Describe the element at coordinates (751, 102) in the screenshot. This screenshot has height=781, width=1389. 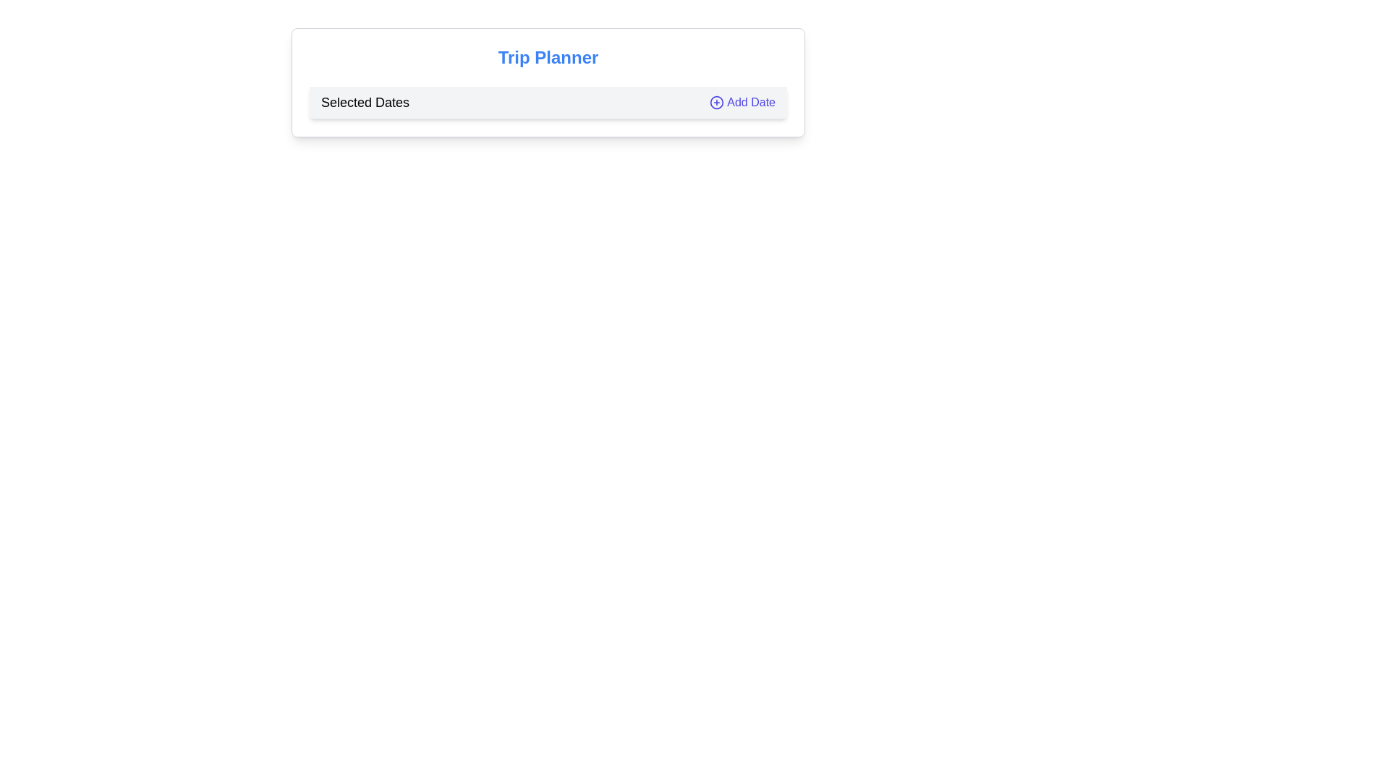
I see `'Add Date' text label, which indicates the function for adding a date in the interactive component` at that location.